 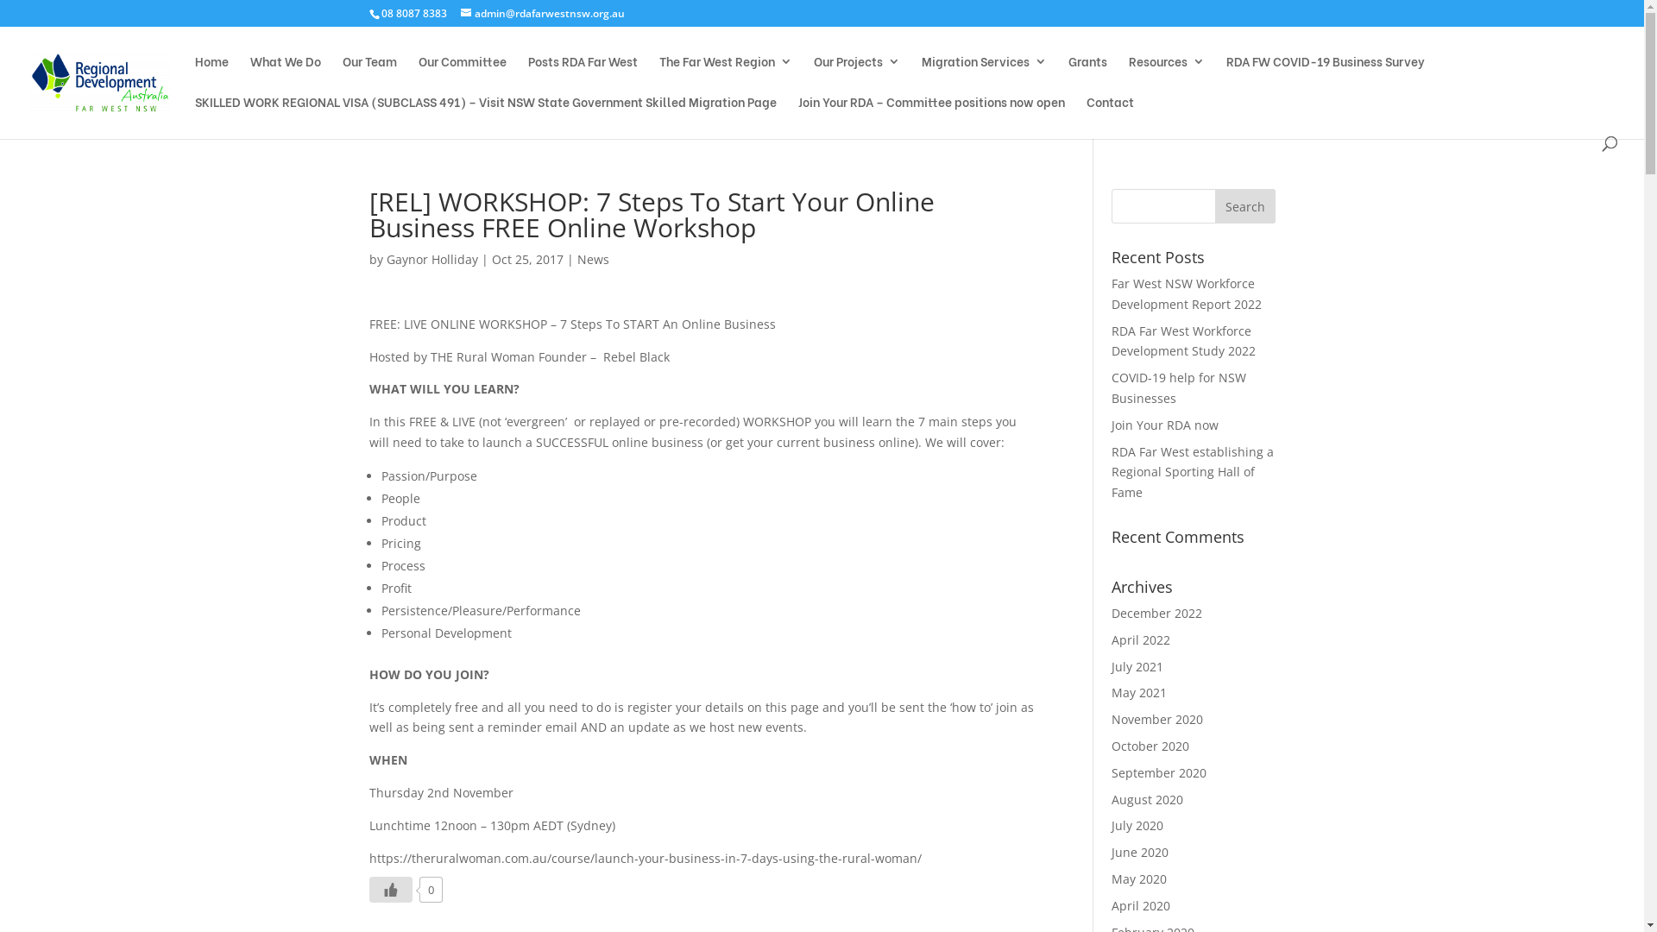 I want to click on 'Far West NSW Workforce Development Report 2022', so click(x=1185, y=293).